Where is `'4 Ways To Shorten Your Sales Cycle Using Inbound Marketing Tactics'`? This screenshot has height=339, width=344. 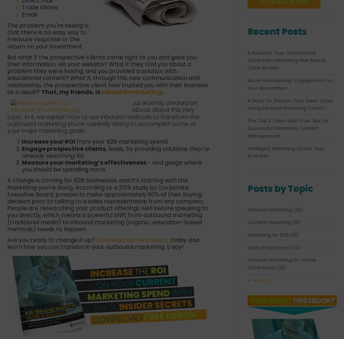
'4 Ways To Shorten Your Sales Cycle Using Inbound Marketing Tactics' is located at coordinates (290, 104).